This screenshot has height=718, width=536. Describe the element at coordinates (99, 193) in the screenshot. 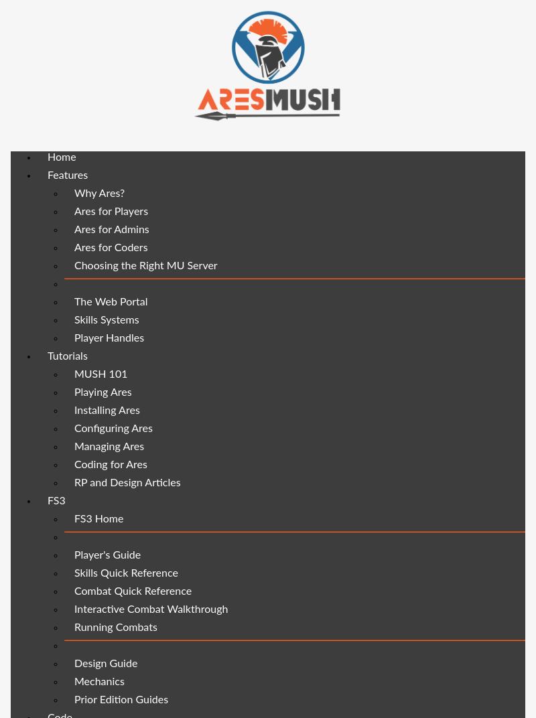

I see `'Why Ares?'` at that location.